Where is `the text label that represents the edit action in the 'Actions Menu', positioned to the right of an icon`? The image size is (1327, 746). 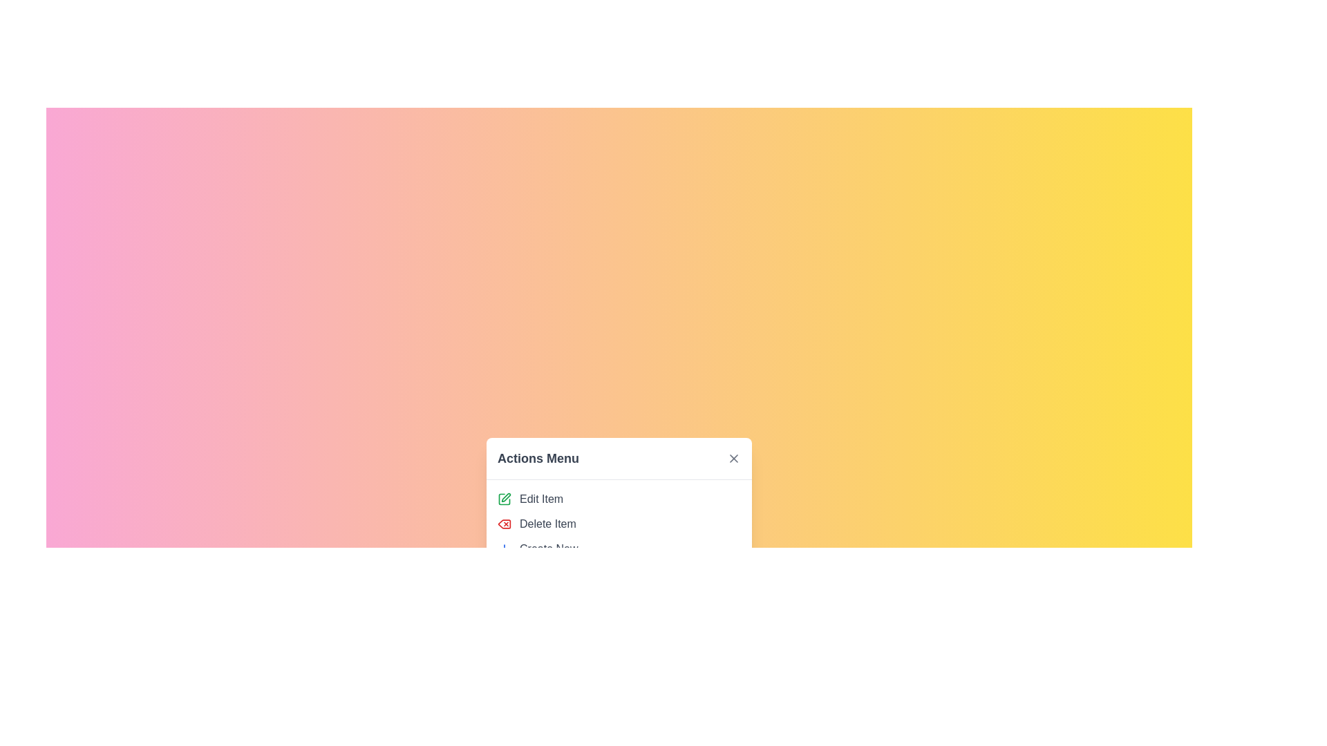 the text label that represents the edit action in the 'Actions Menu', positioned to the right of an icon is located at coordinates (540, 499).